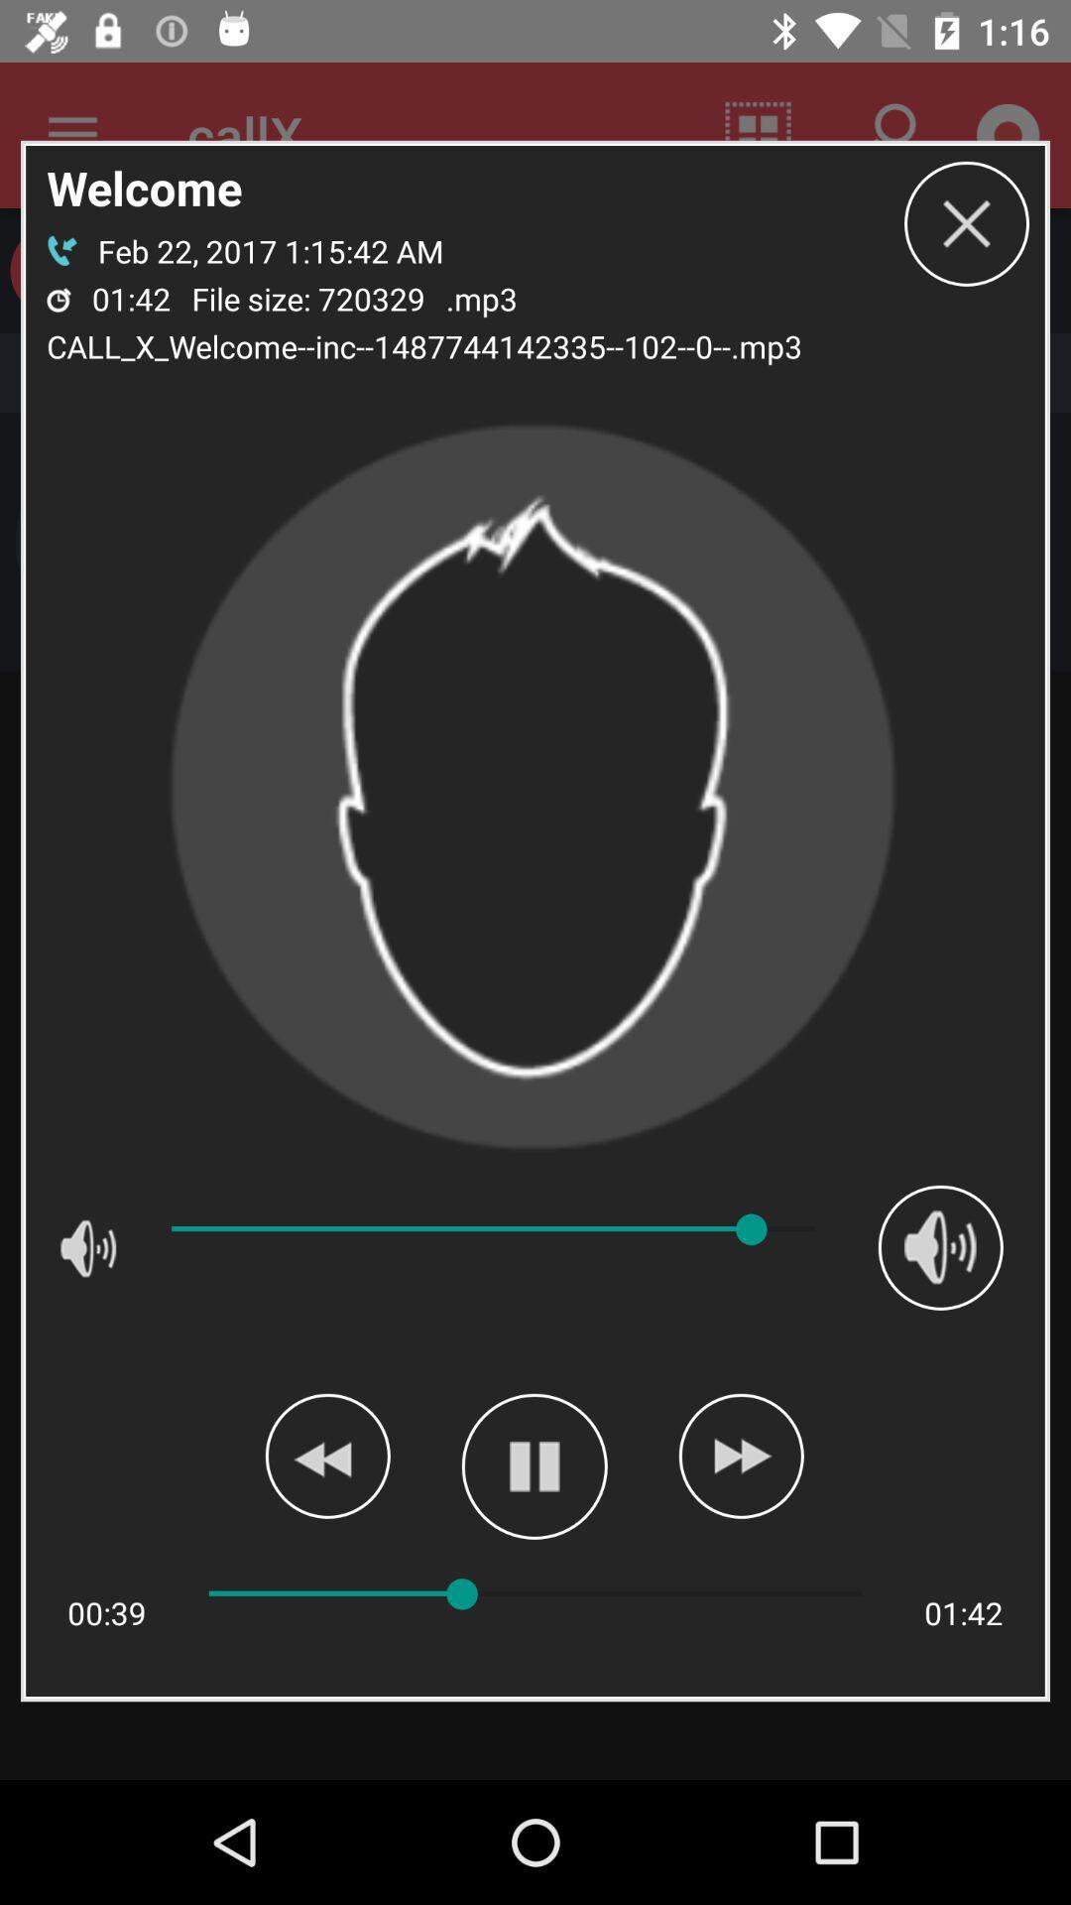  What do you see at coordinates (326, 1456) in the screenshot?
I see `rewind` at bounding box center [326, 1456].